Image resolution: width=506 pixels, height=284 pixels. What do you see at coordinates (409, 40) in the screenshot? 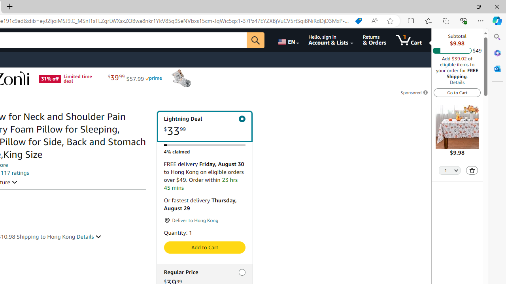
I see `'1 item in cart'` at bounding box center [409, 40].